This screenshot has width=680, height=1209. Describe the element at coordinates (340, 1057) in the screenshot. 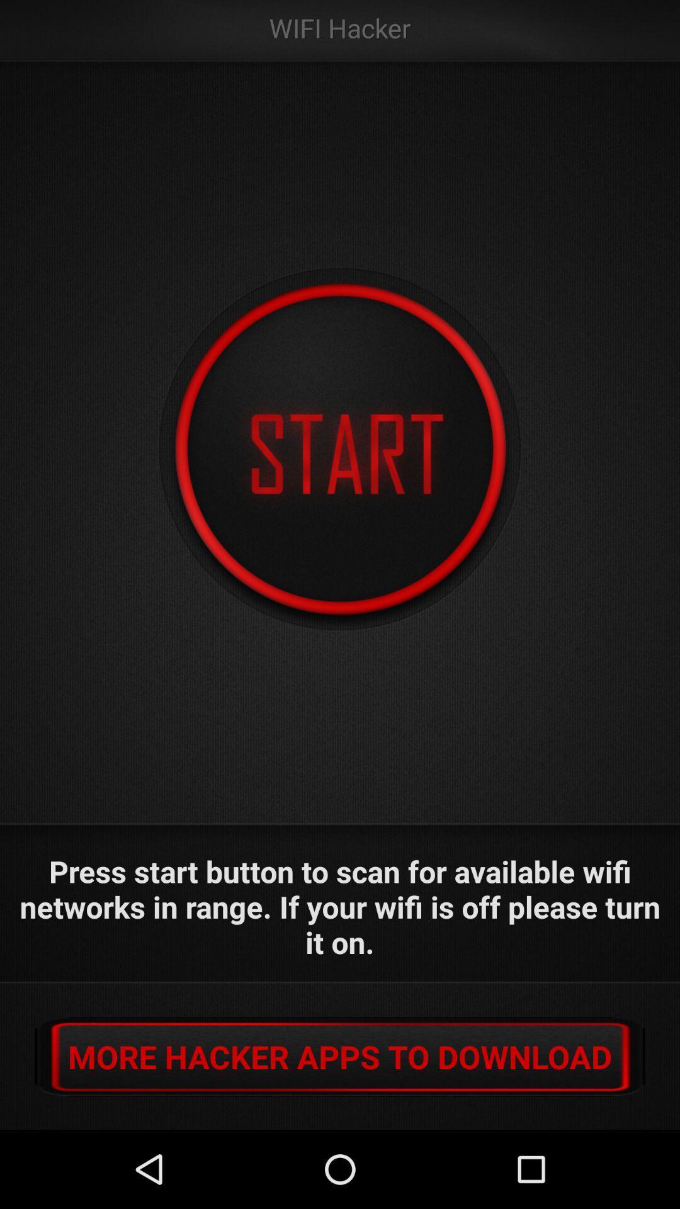

I see `more hacker apps button` at that location.